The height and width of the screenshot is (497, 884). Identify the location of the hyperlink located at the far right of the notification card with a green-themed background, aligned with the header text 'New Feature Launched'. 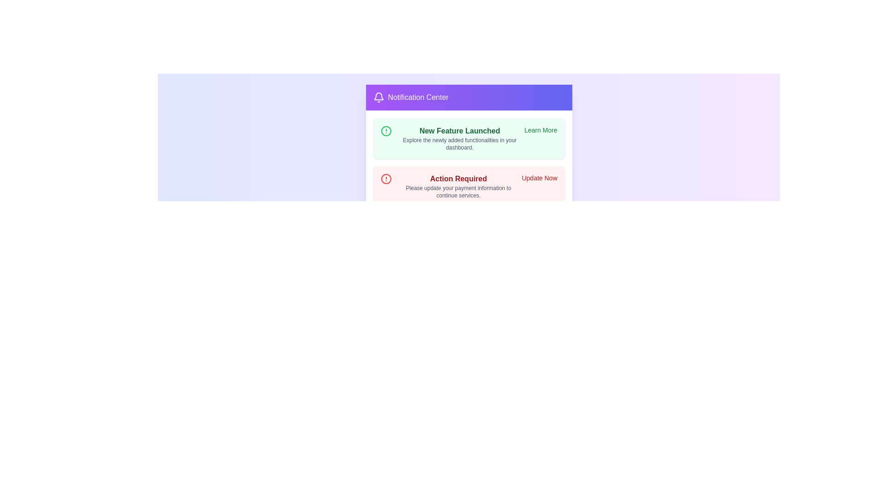
(541, 130).